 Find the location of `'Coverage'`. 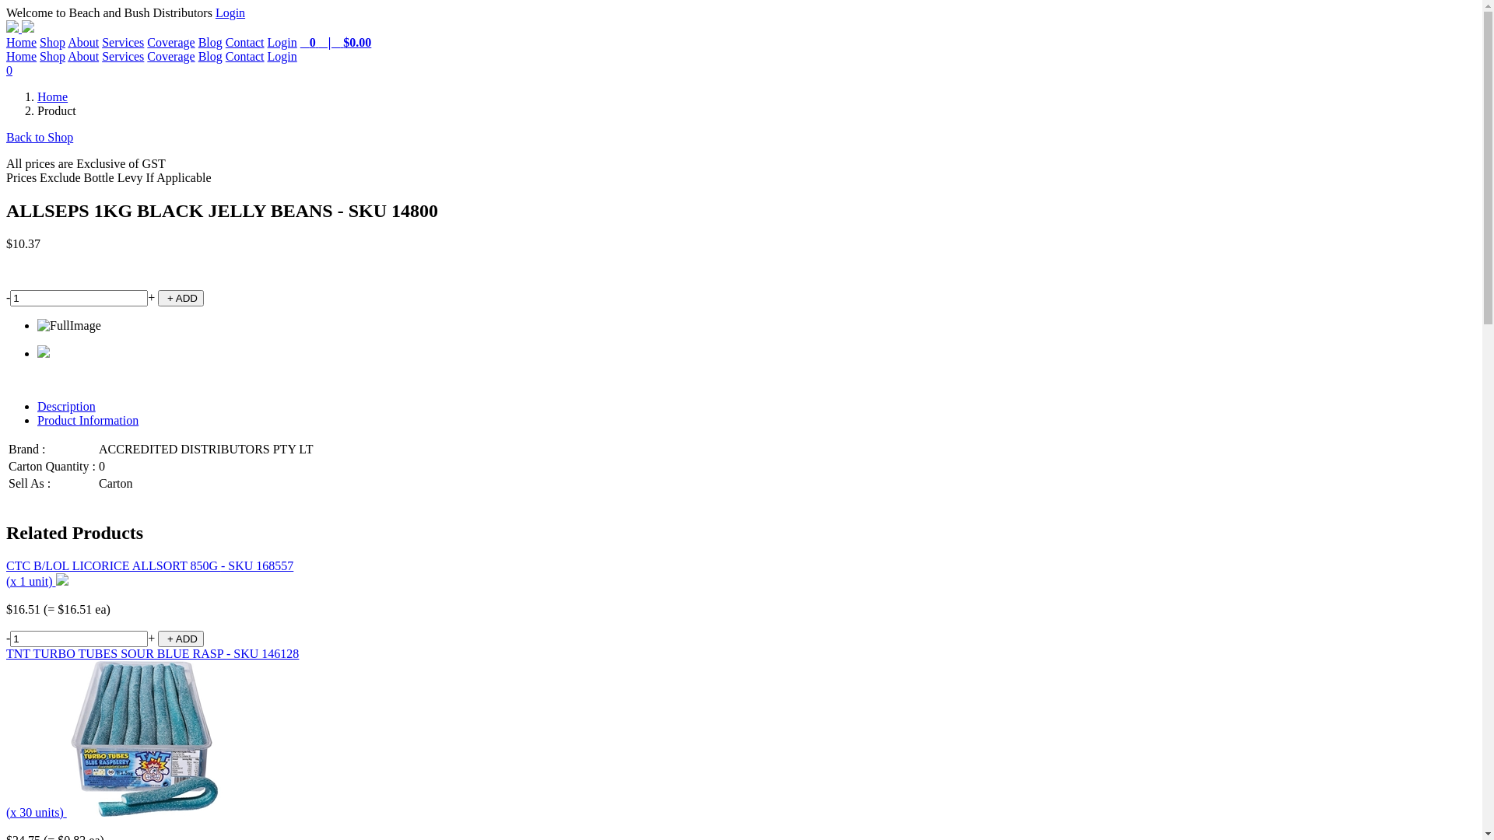

'Coverage' is located at coordinates (170, 41).